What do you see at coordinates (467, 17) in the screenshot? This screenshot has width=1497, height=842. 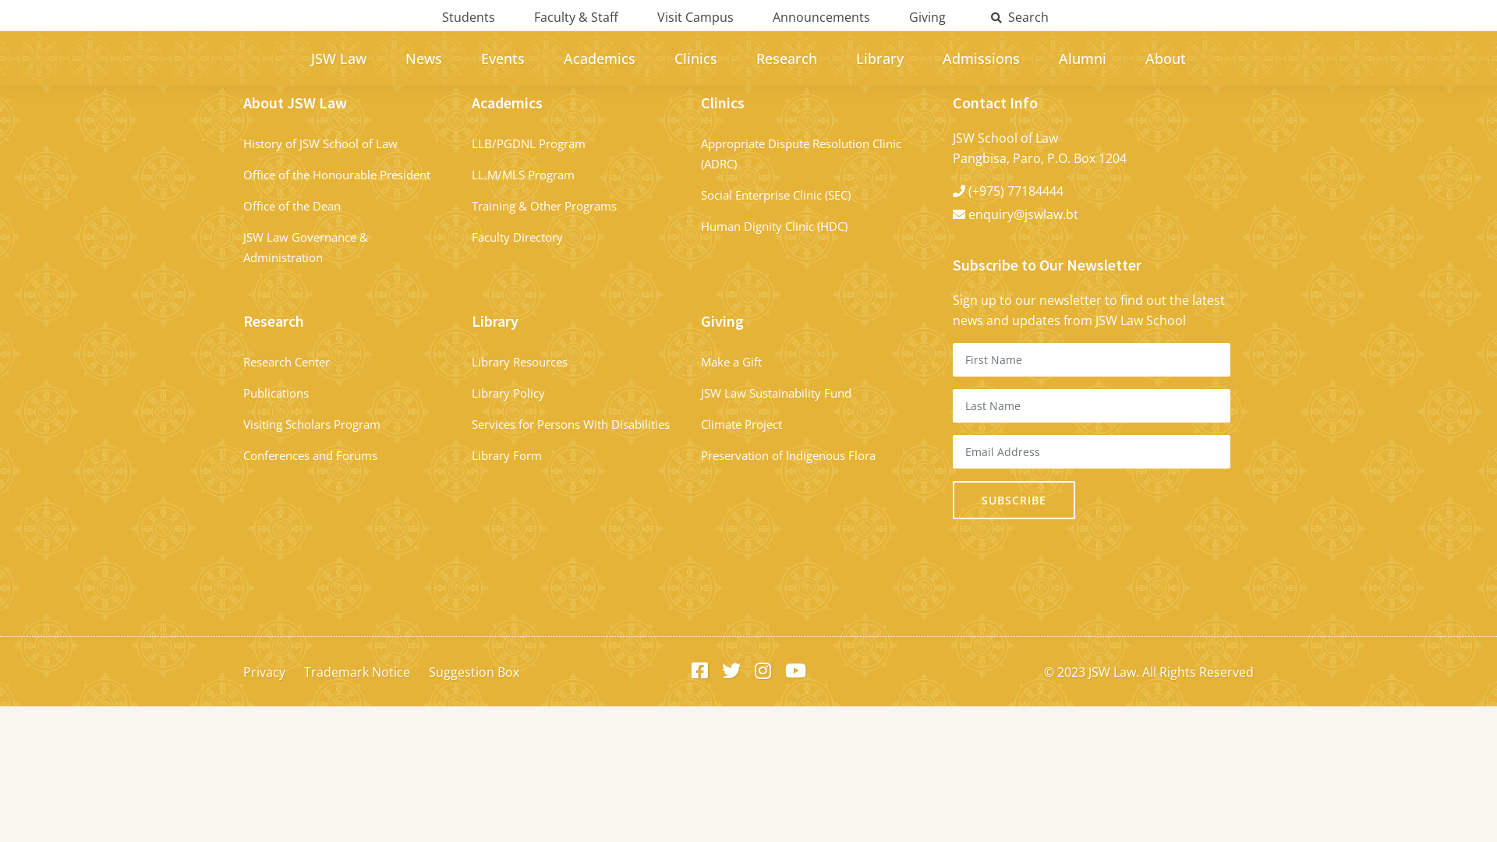 I see `'Students'` at bounding box center [467, 17].